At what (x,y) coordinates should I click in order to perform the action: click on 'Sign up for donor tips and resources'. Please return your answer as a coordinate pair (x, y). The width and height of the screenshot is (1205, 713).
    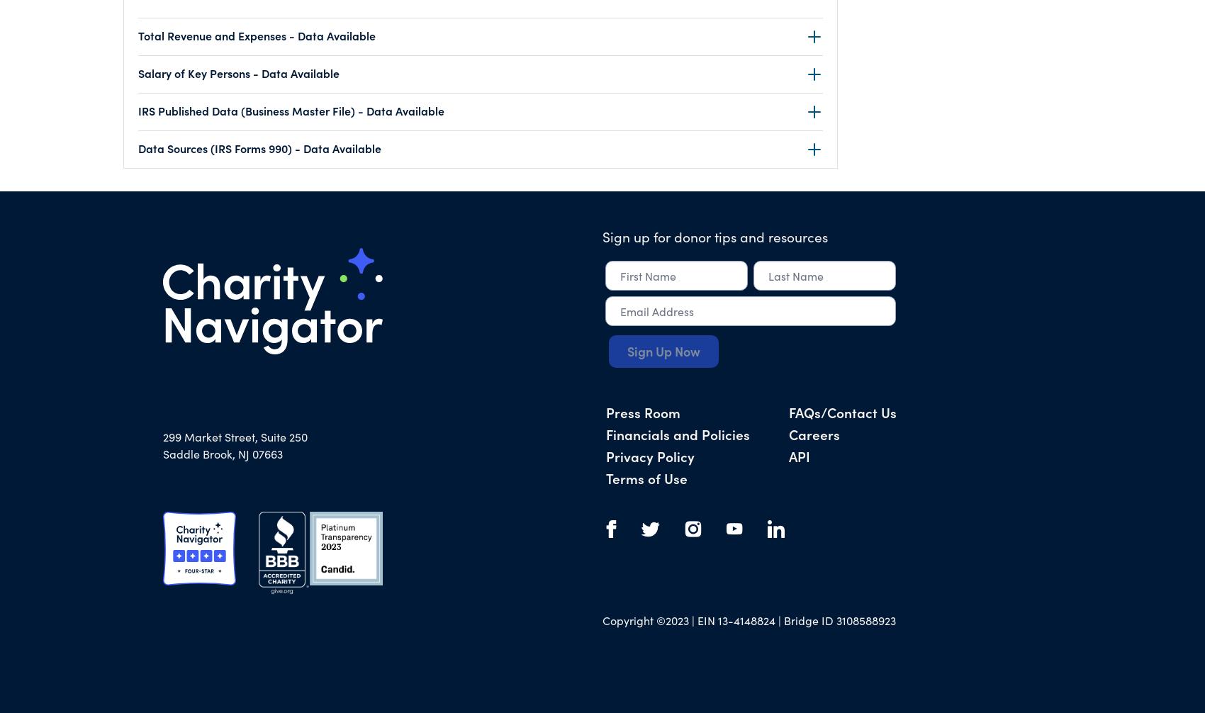
    Looking at the image, I should click on (713, 235).